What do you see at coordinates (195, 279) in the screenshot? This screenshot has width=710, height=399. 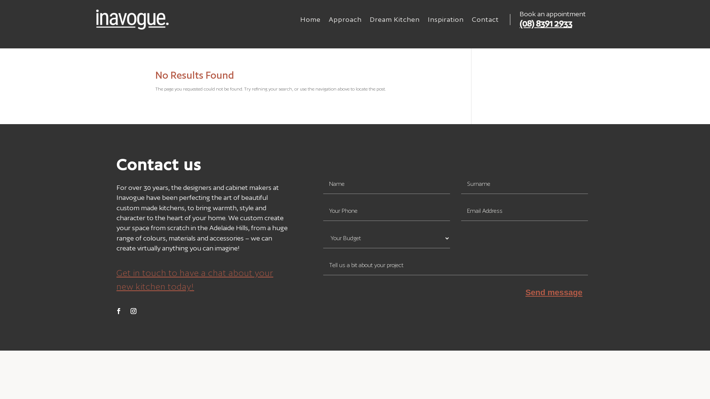 I see `'Get in touch to have a chat about your new kitchen today!'` at bounding box center [195, 279].